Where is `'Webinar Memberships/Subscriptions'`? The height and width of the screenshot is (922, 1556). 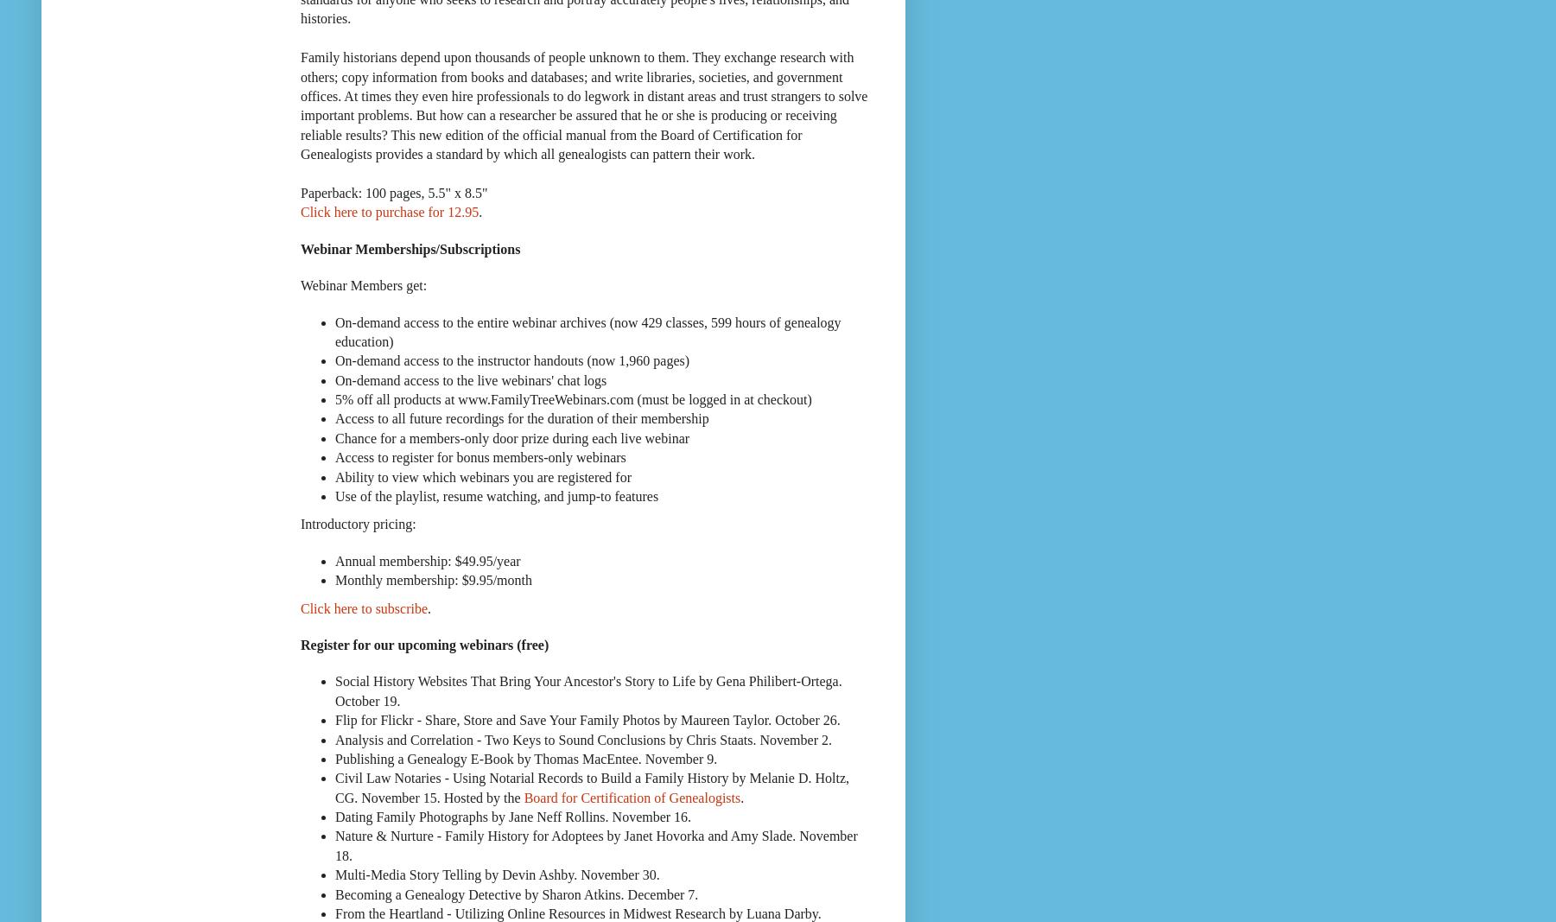
'Webinar Memberships/Subscriptions' is located at coordinates (409, 248).